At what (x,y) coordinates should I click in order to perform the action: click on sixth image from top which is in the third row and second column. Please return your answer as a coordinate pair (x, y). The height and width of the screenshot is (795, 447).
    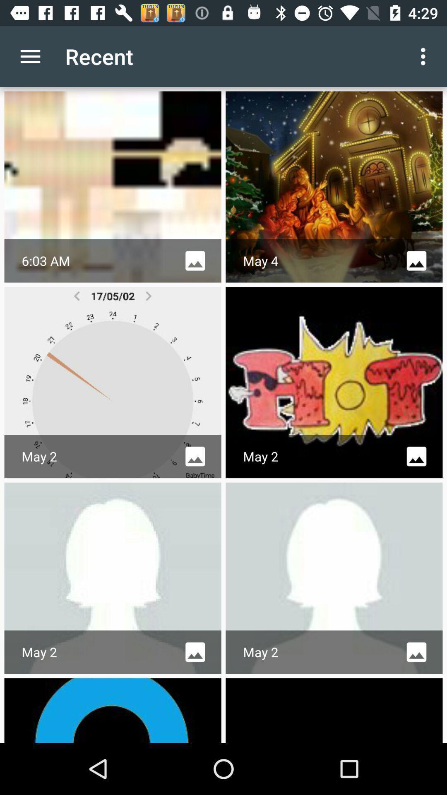
    Looking at the image, I should click on (334, 578).